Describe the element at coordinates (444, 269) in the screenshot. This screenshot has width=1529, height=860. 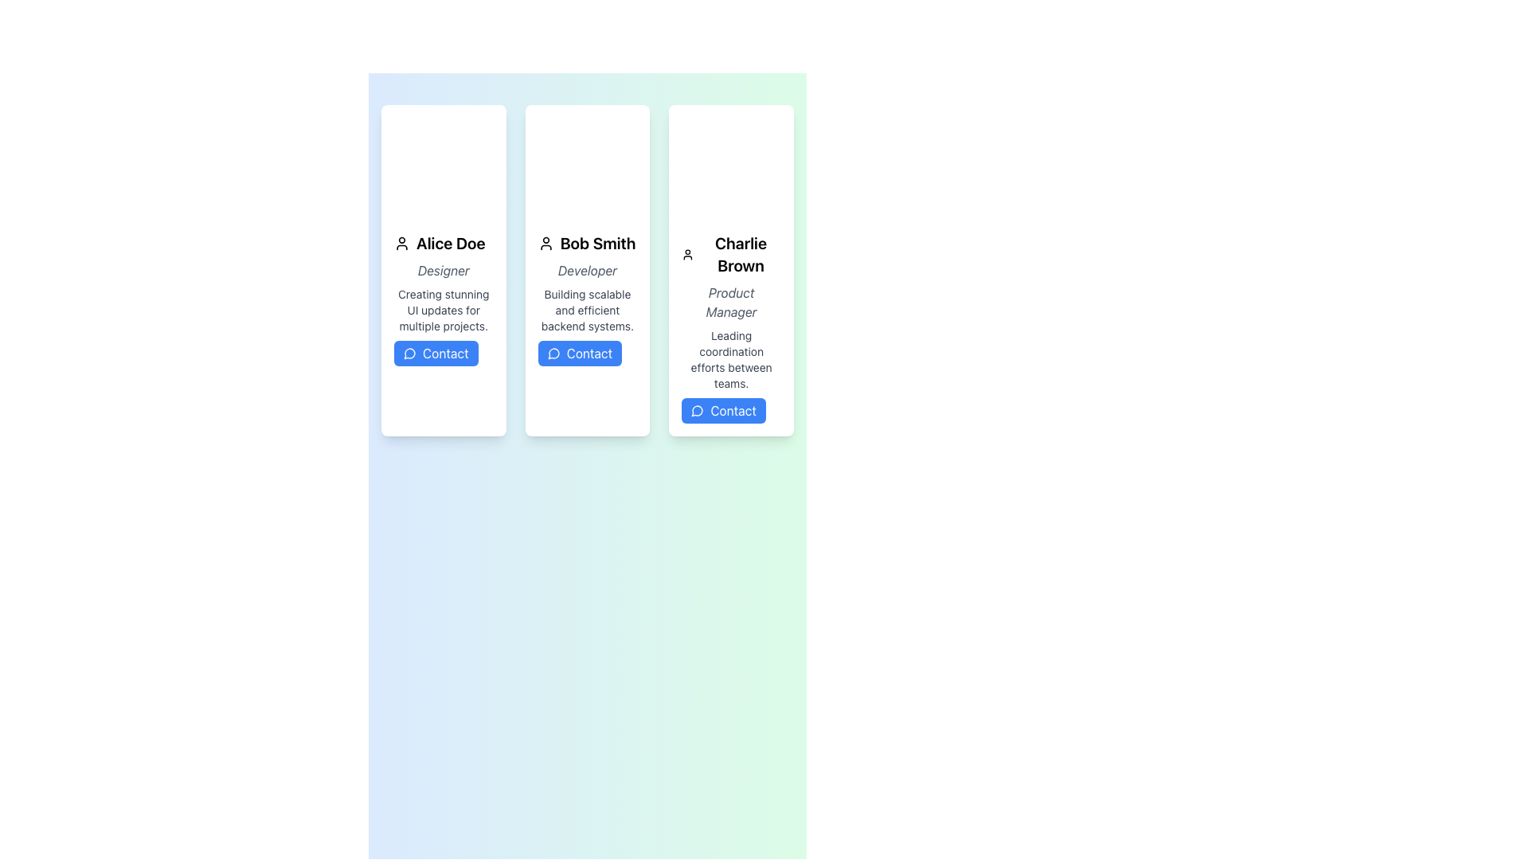
I see `the 'Designer' text label, which is displayed in gray italic font beneath the name 'Alice Doe' in the profile card layout` at that location.